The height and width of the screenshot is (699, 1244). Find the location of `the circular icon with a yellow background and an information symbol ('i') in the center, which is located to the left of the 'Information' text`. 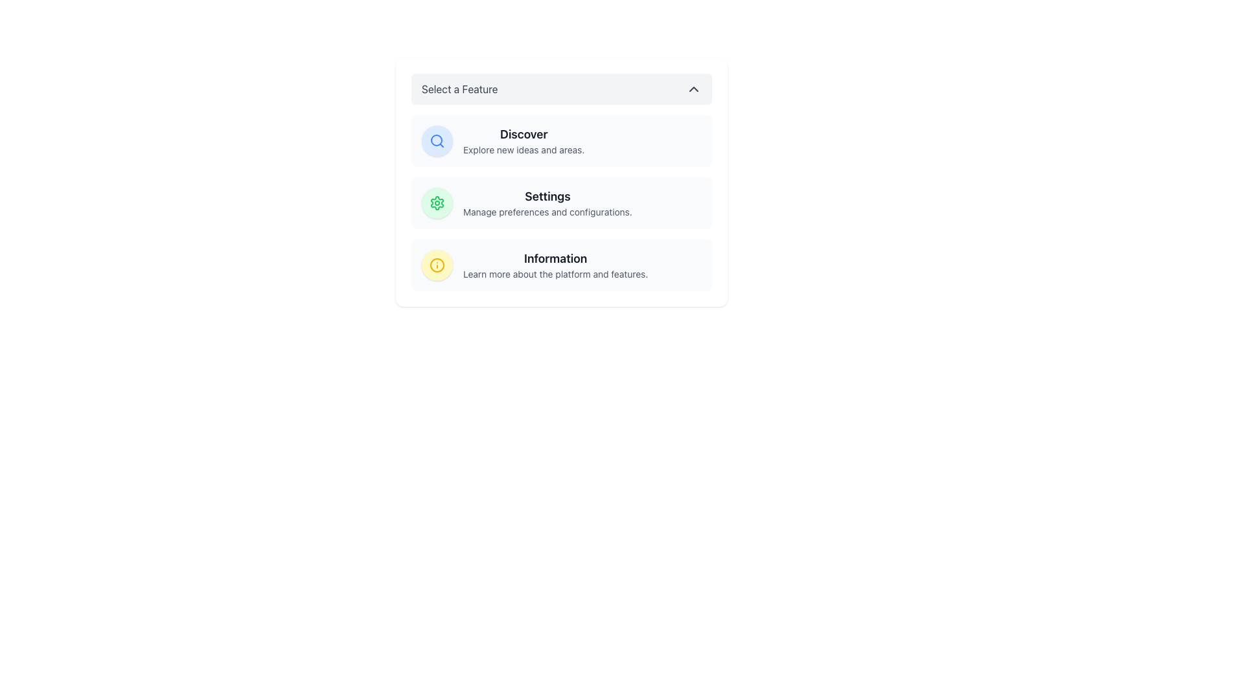

the circular icon with a yellow background and an information symbol ('i') in the center, which is located to the left of the 'Information' text is located at coordinates (437, 264).